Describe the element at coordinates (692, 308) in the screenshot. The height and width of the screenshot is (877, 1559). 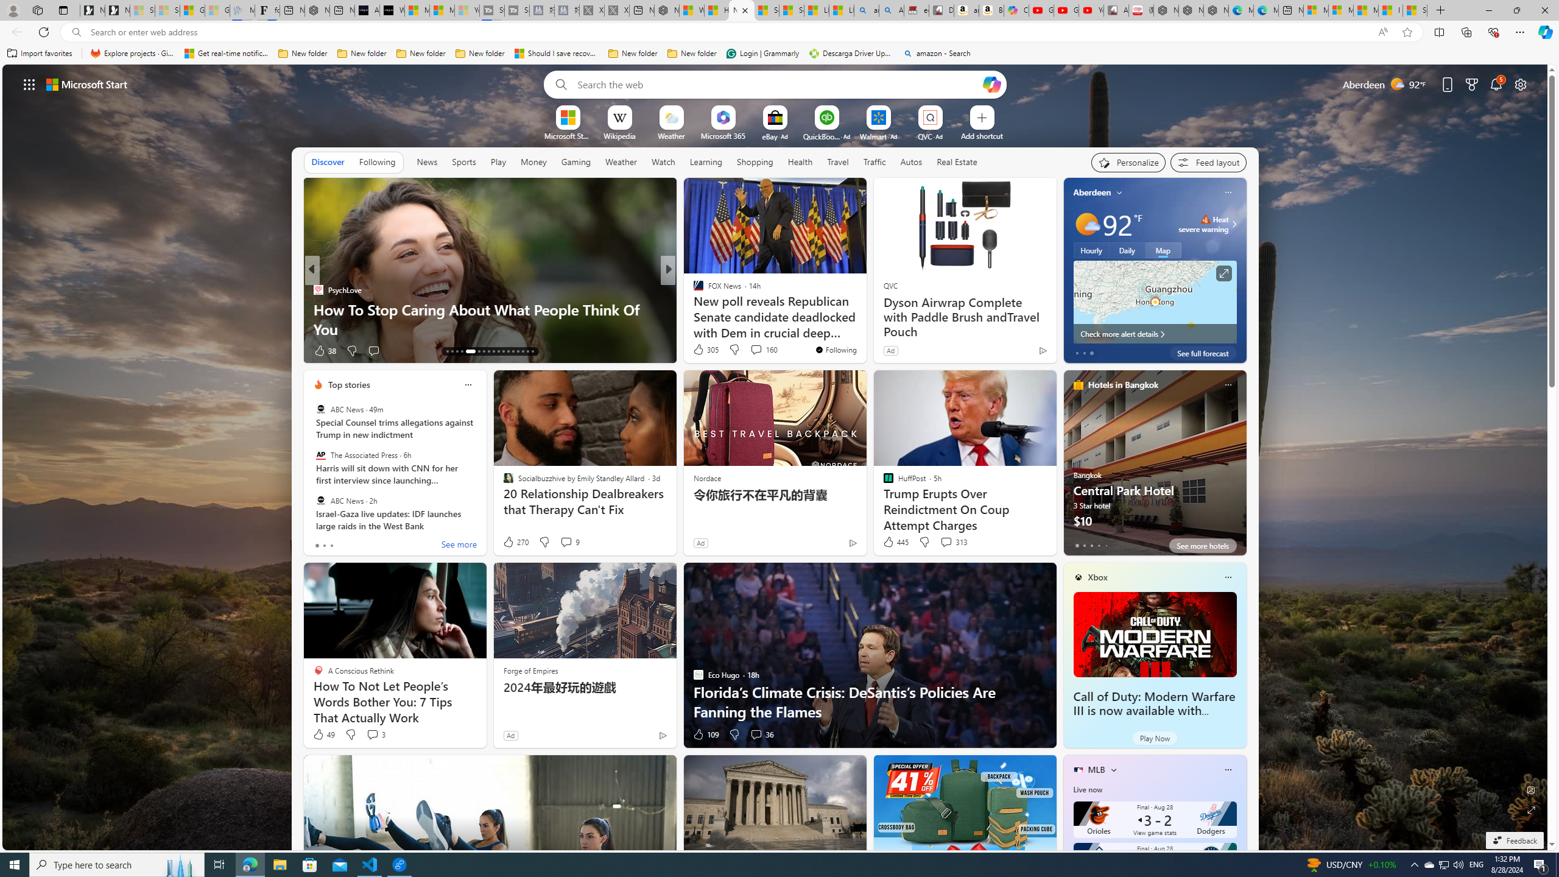
I see `'Tom'` at that location.